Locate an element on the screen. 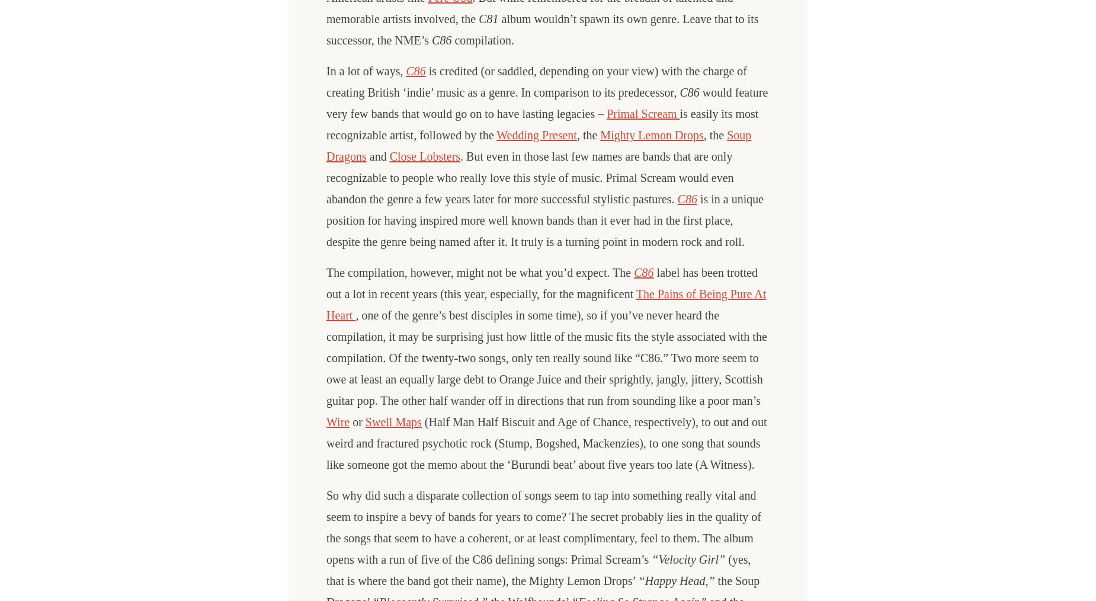 The height and width of the screenshot is (601, 1096). '.  But even in those last few names are bands that are only recognizable to people who really love this style of music. Primal Scream would even abandon the genre a few years later for more successful stylistic pastures.' is located at coordinates (530, 178).